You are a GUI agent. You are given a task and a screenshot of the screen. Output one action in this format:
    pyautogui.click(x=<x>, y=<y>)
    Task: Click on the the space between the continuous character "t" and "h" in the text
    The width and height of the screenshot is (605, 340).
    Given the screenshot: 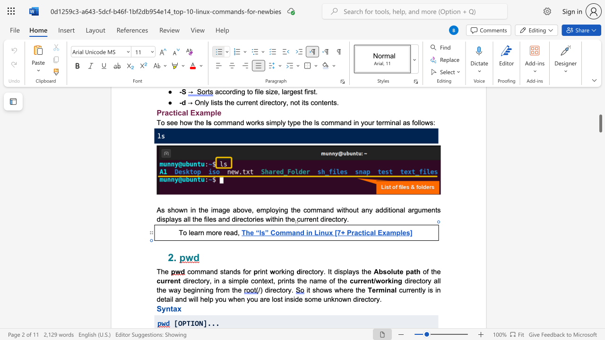 What is the action you would take?
    pyautogui.click(x=363, y=272)
    